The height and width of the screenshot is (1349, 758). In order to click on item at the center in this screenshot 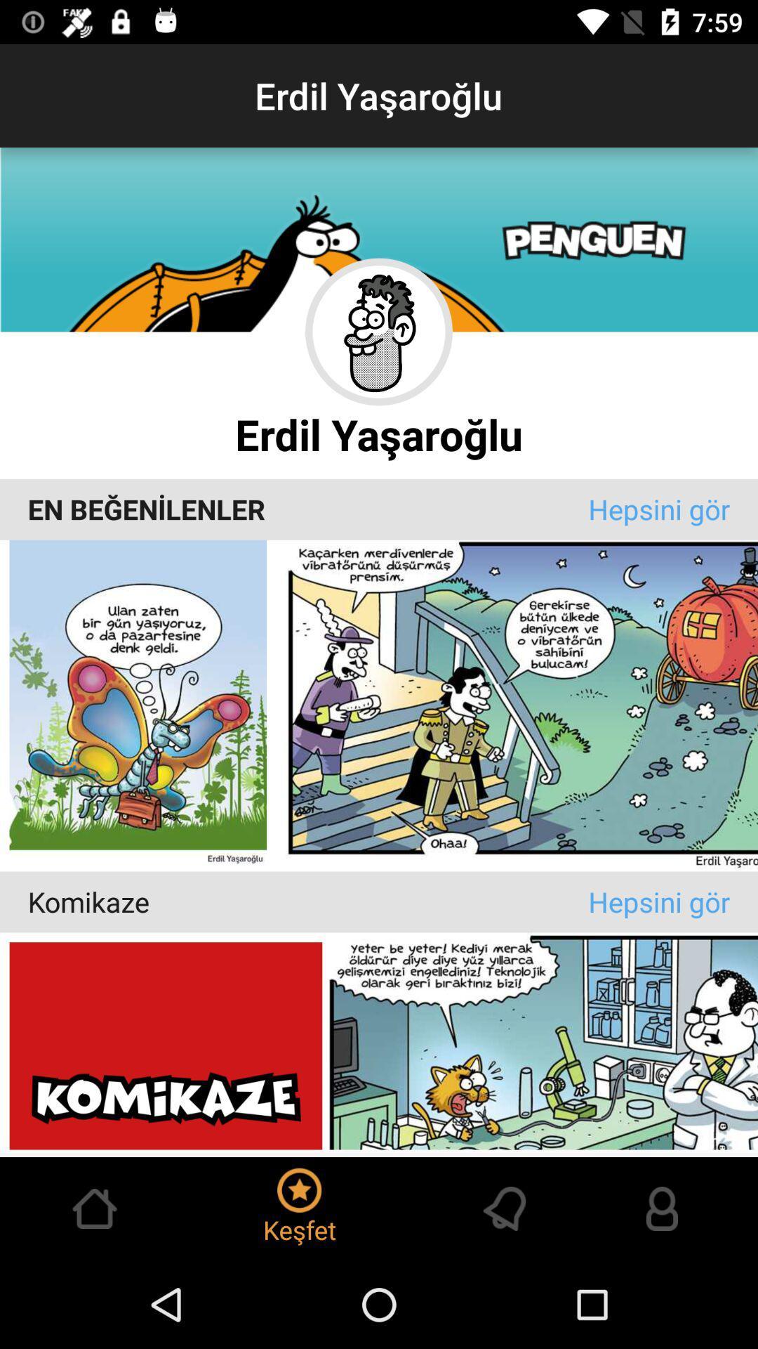, I will do `click(307, 508)`.